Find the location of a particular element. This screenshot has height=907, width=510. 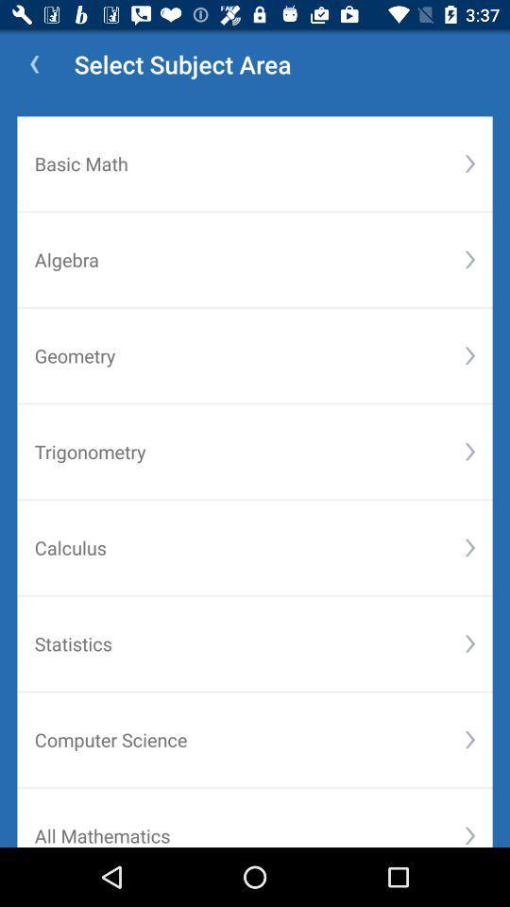

the button right to the text basic math is located at coordinates (468, 163).